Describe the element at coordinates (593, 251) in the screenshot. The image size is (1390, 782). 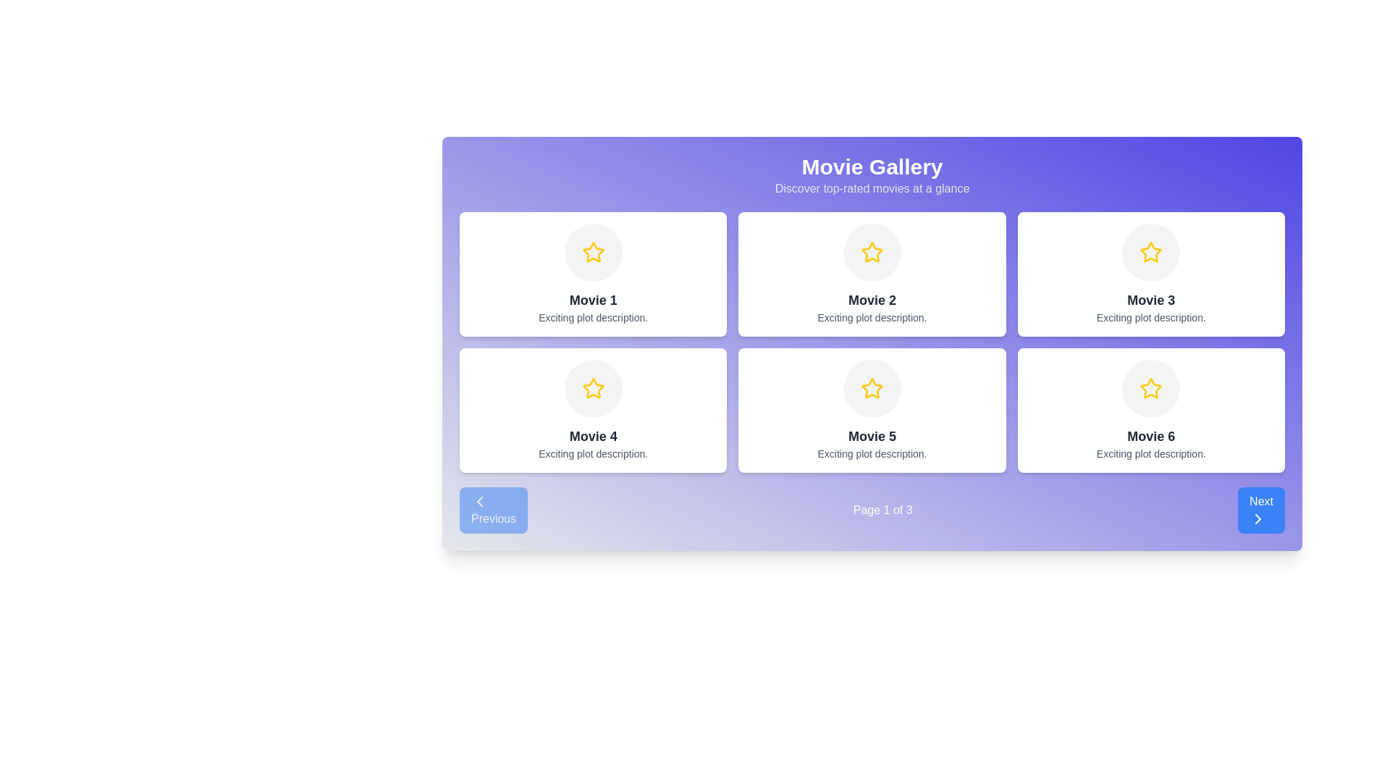
I see `the icon representing actions or ratings for the 'Movie 1' card, which is positioned at the top center of the card` at that location.